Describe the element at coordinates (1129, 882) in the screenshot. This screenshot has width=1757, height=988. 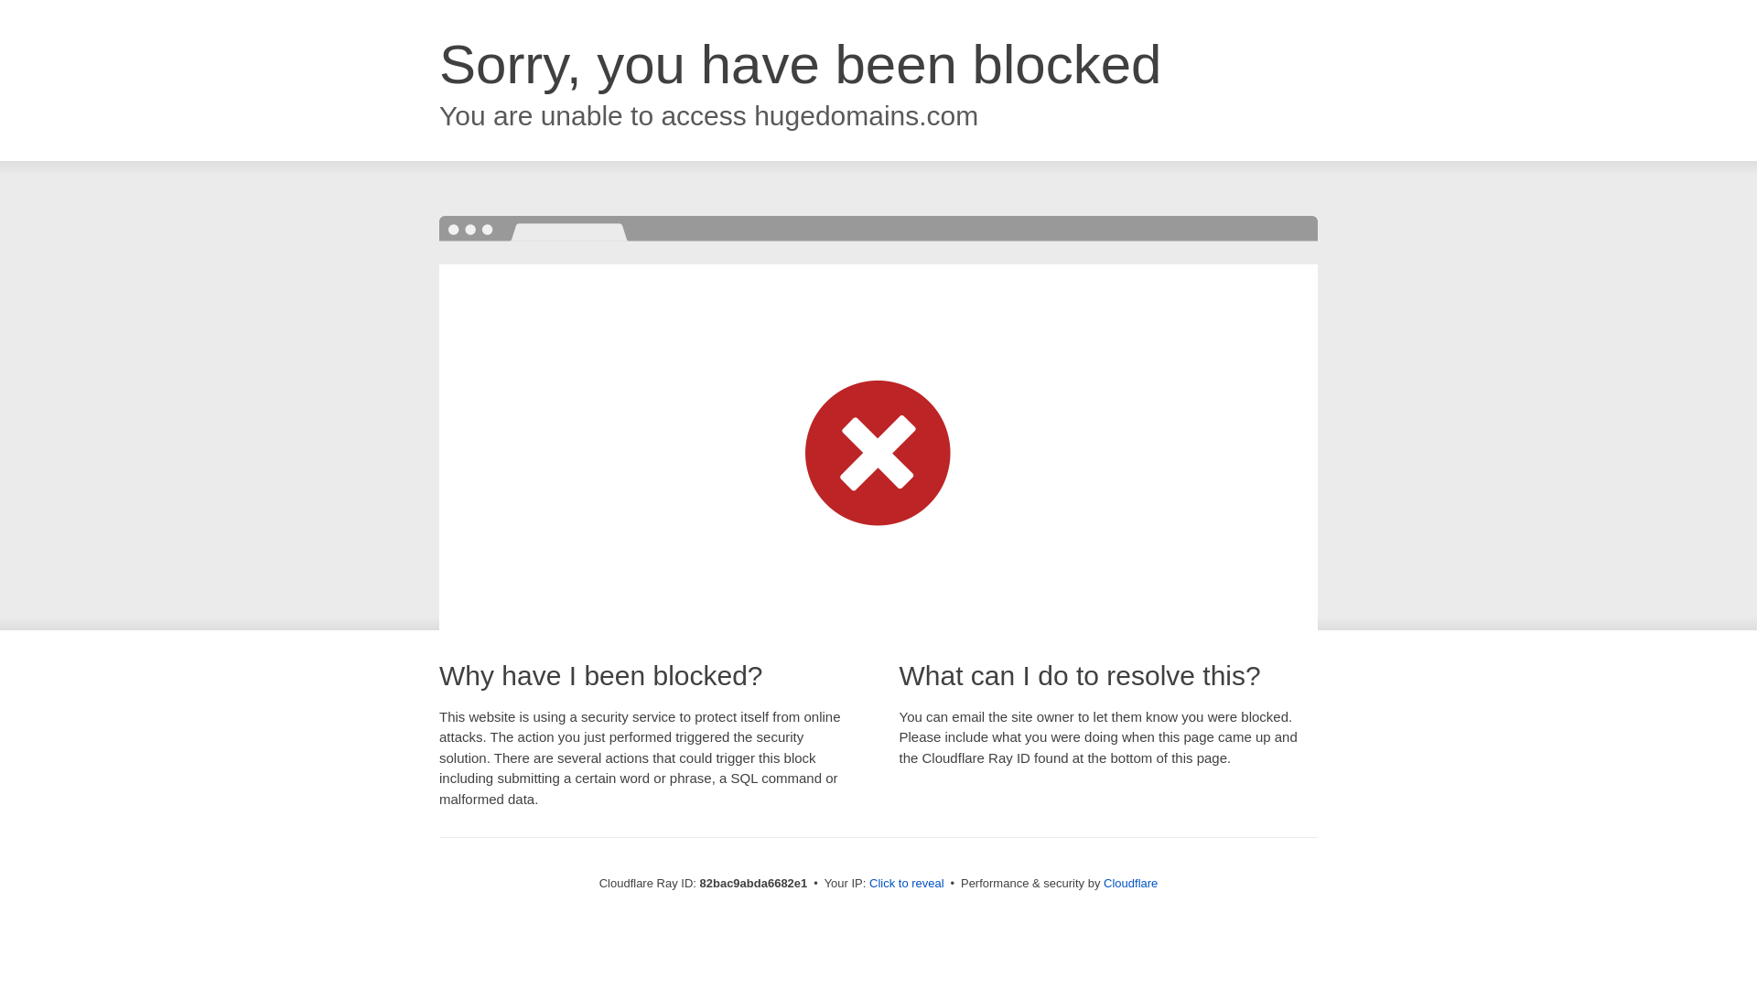
I see `'Cloudflare'` at that location.